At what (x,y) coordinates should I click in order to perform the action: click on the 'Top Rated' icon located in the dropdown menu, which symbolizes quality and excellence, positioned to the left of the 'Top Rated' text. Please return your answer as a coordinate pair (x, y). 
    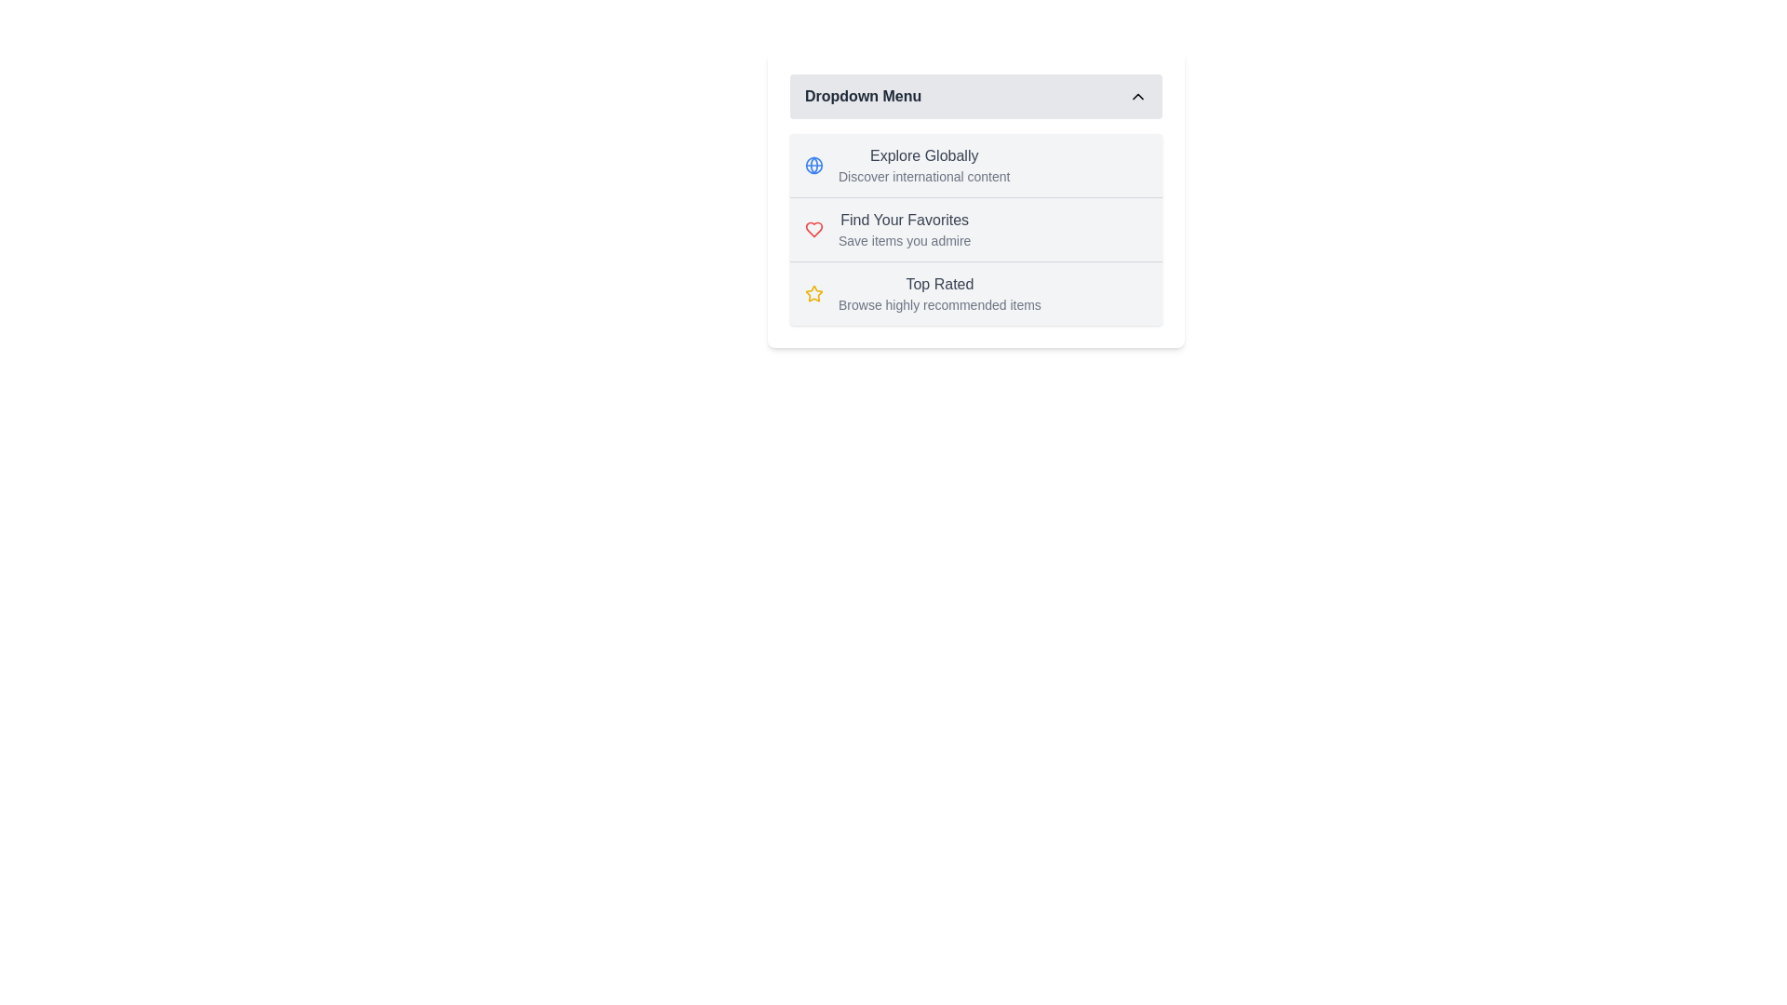
    Looking at the image, I should click on (813, 293).